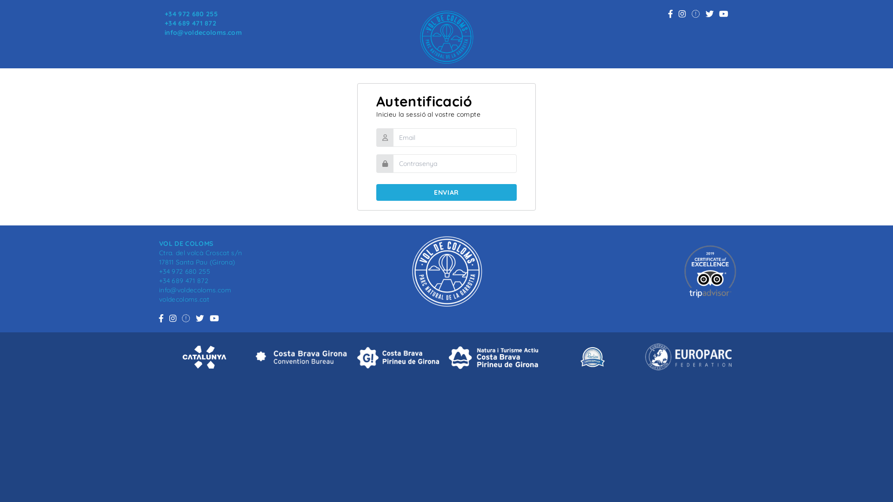  What do you see at coordinates (184, 299) in the screenshot?
I see `'voldecoloms.cat'` at bounding box center [184, 299].